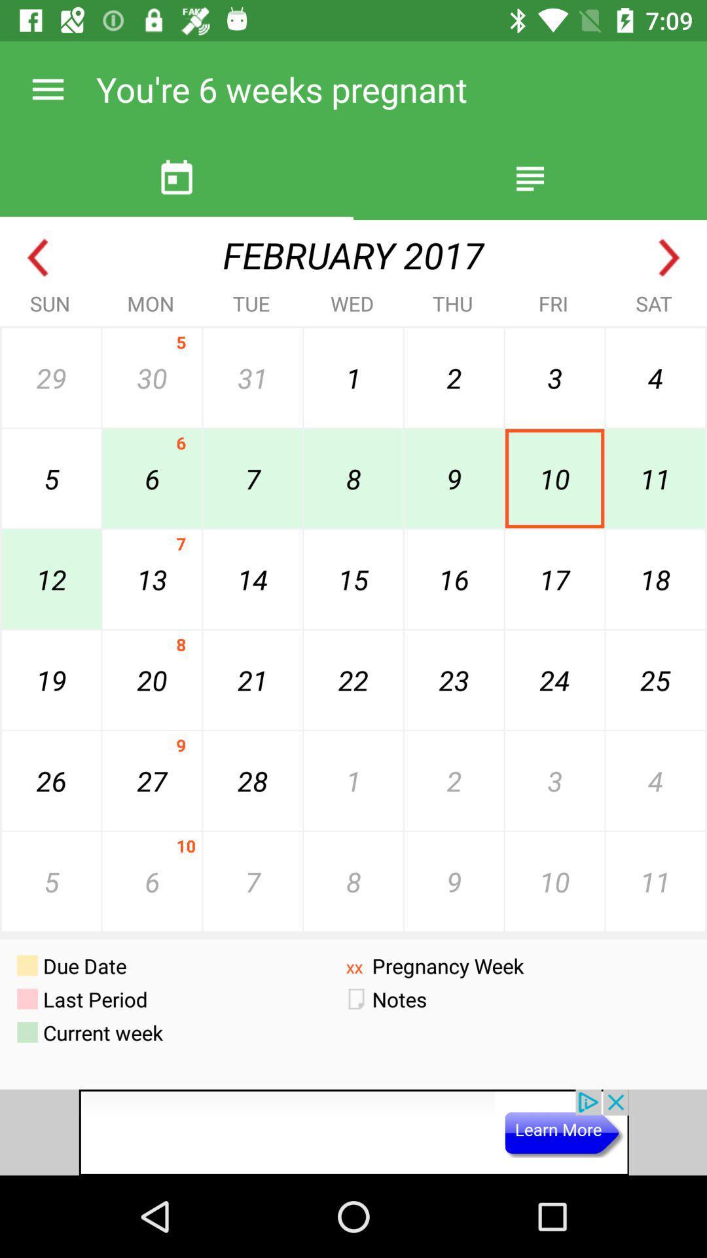 The image size is (707, 1258). What do you see at coordinates (37, 257) in the screenshot?
I see `go back` at bounding box center [37, 257].